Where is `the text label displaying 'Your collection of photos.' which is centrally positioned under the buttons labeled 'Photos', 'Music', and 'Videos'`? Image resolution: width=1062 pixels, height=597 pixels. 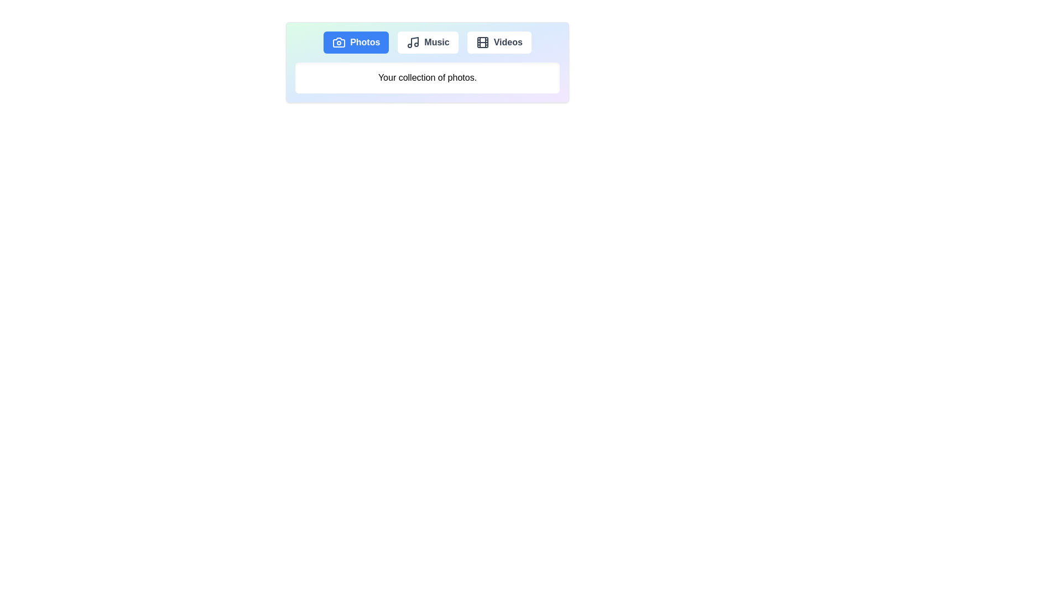
the text label displaying 'Your collection of photos.' which is centrally positioned under the buttons labeled 'Photos', 'Music', and 'Videos' is located at coordinates (426, 77).